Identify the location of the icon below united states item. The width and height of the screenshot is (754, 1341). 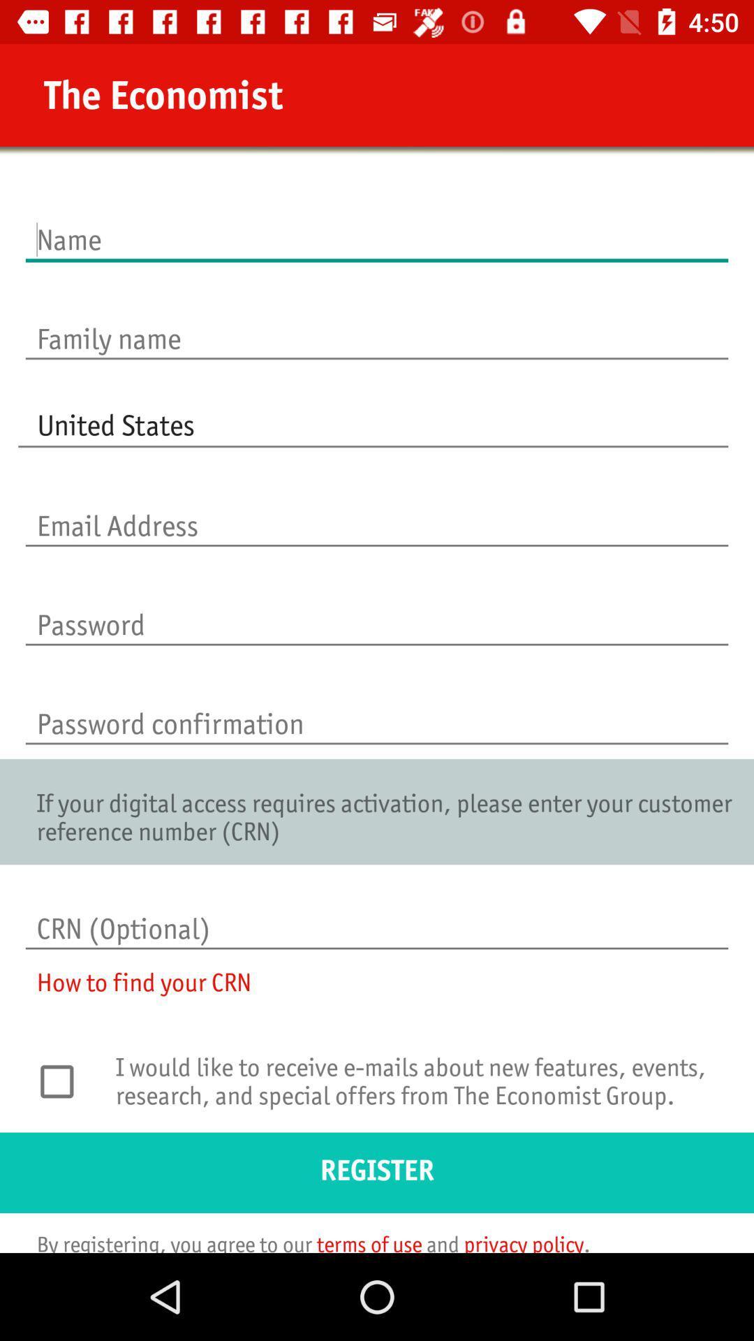
(377, 511).